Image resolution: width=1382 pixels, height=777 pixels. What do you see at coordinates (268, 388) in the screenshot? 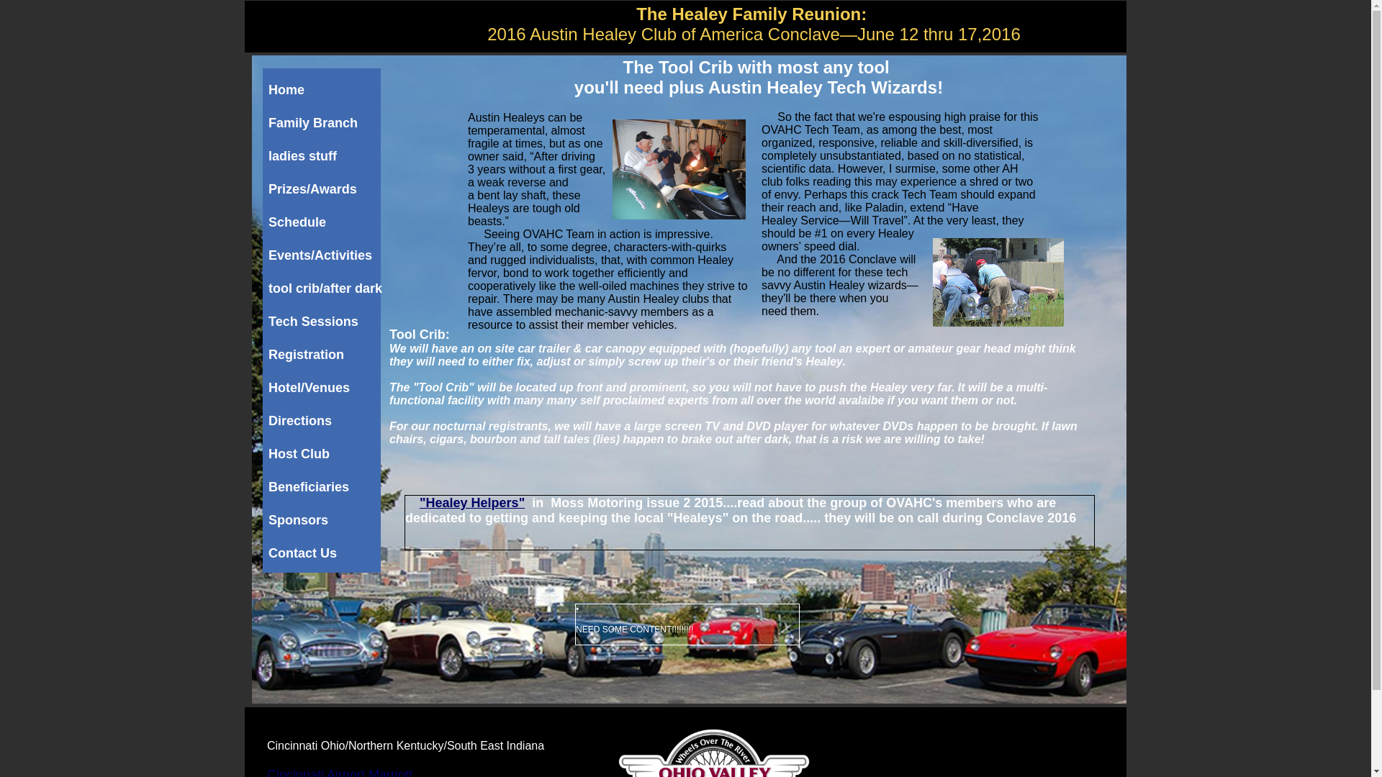
I see `'Hotel/Venues'` at bounding box center [268, 388].